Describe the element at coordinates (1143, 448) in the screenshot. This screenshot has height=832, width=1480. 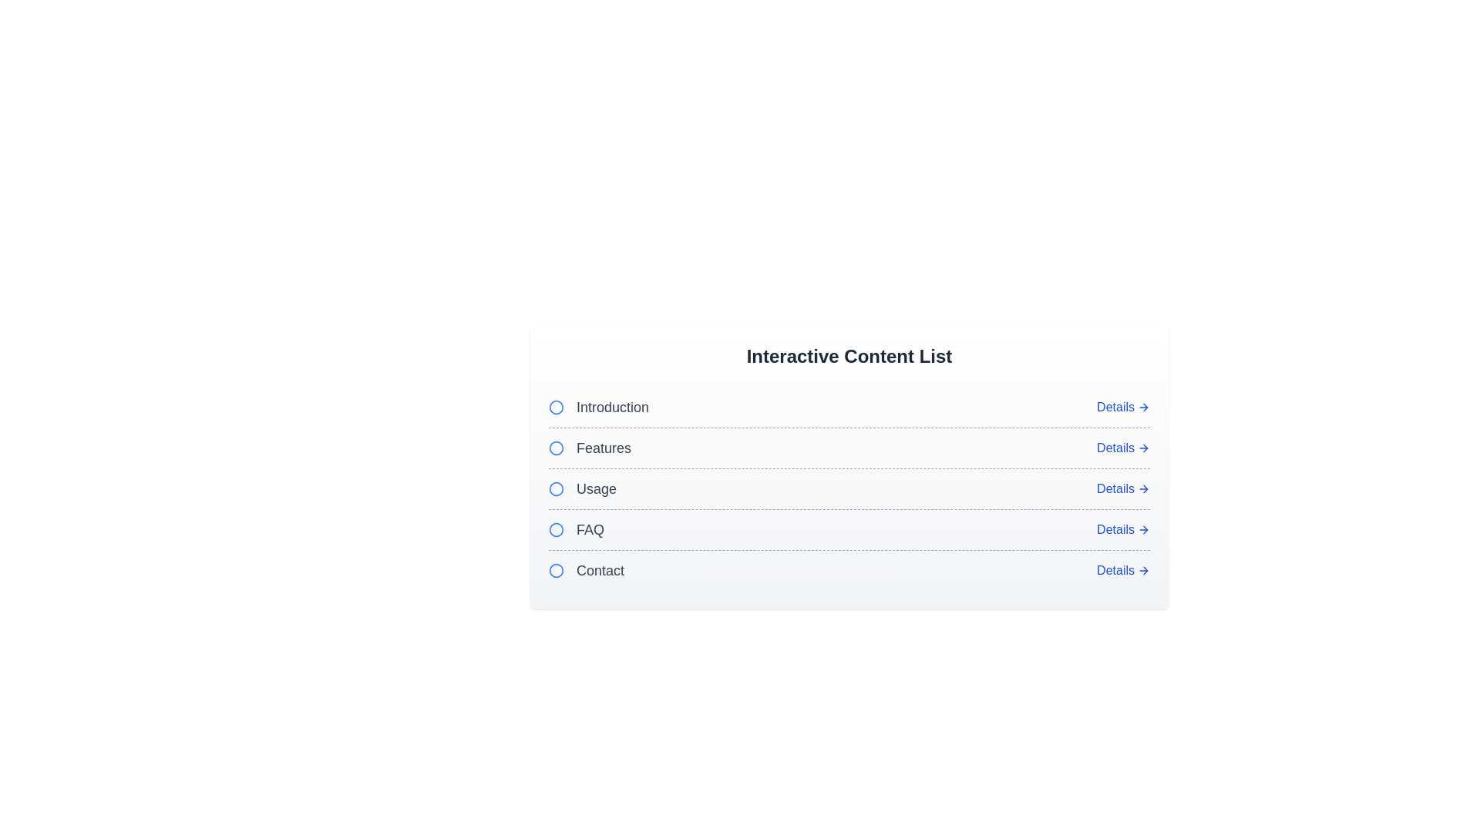
I see `the right-pointing arrow icon with a blue stroke located immediately after the 'Details' text label in the second row of the list` at that location.